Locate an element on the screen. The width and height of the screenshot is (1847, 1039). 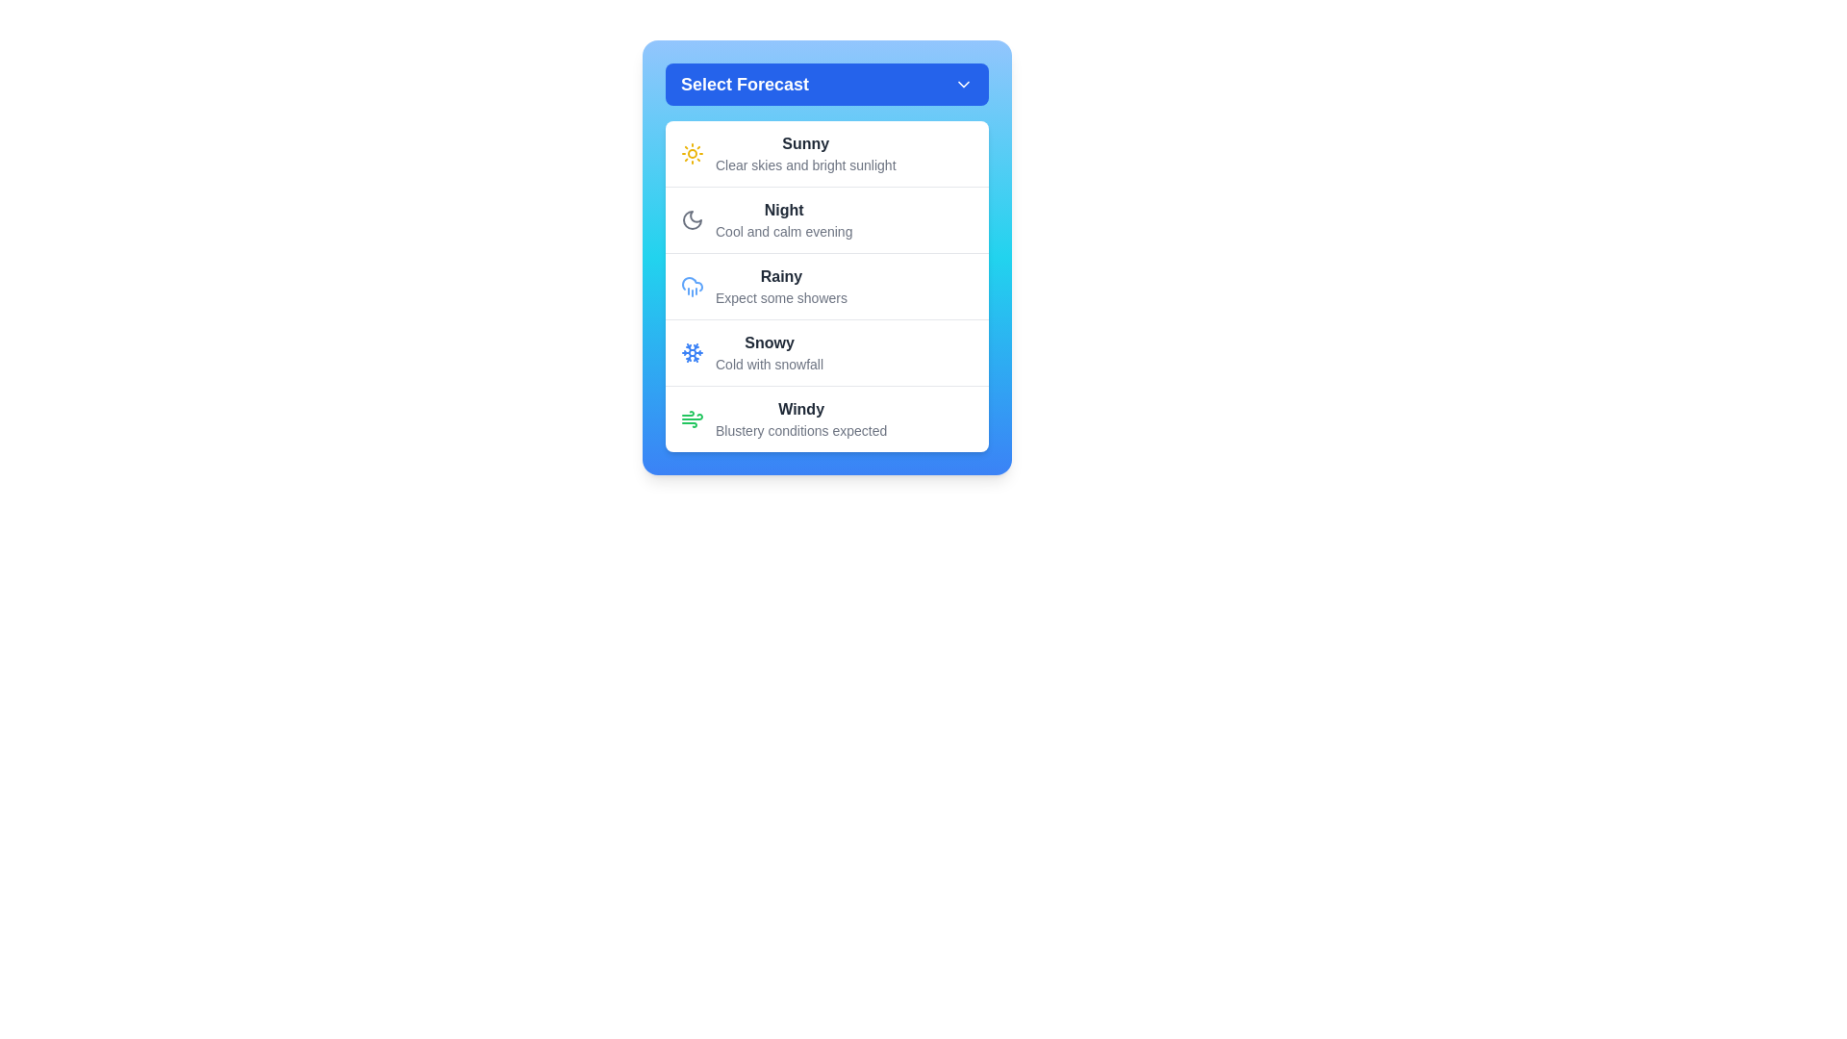
the crescent moon icon in the 'Night' row of the menu, which is styled with a dark gray color and represents a night-time theme is located at coordinates (693, 218).